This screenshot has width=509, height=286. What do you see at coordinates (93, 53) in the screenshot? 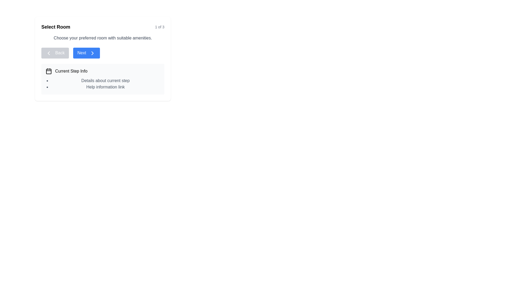
I see `the icon located at the right end of the blue 'Next' button` at bounding box center [93, 53].